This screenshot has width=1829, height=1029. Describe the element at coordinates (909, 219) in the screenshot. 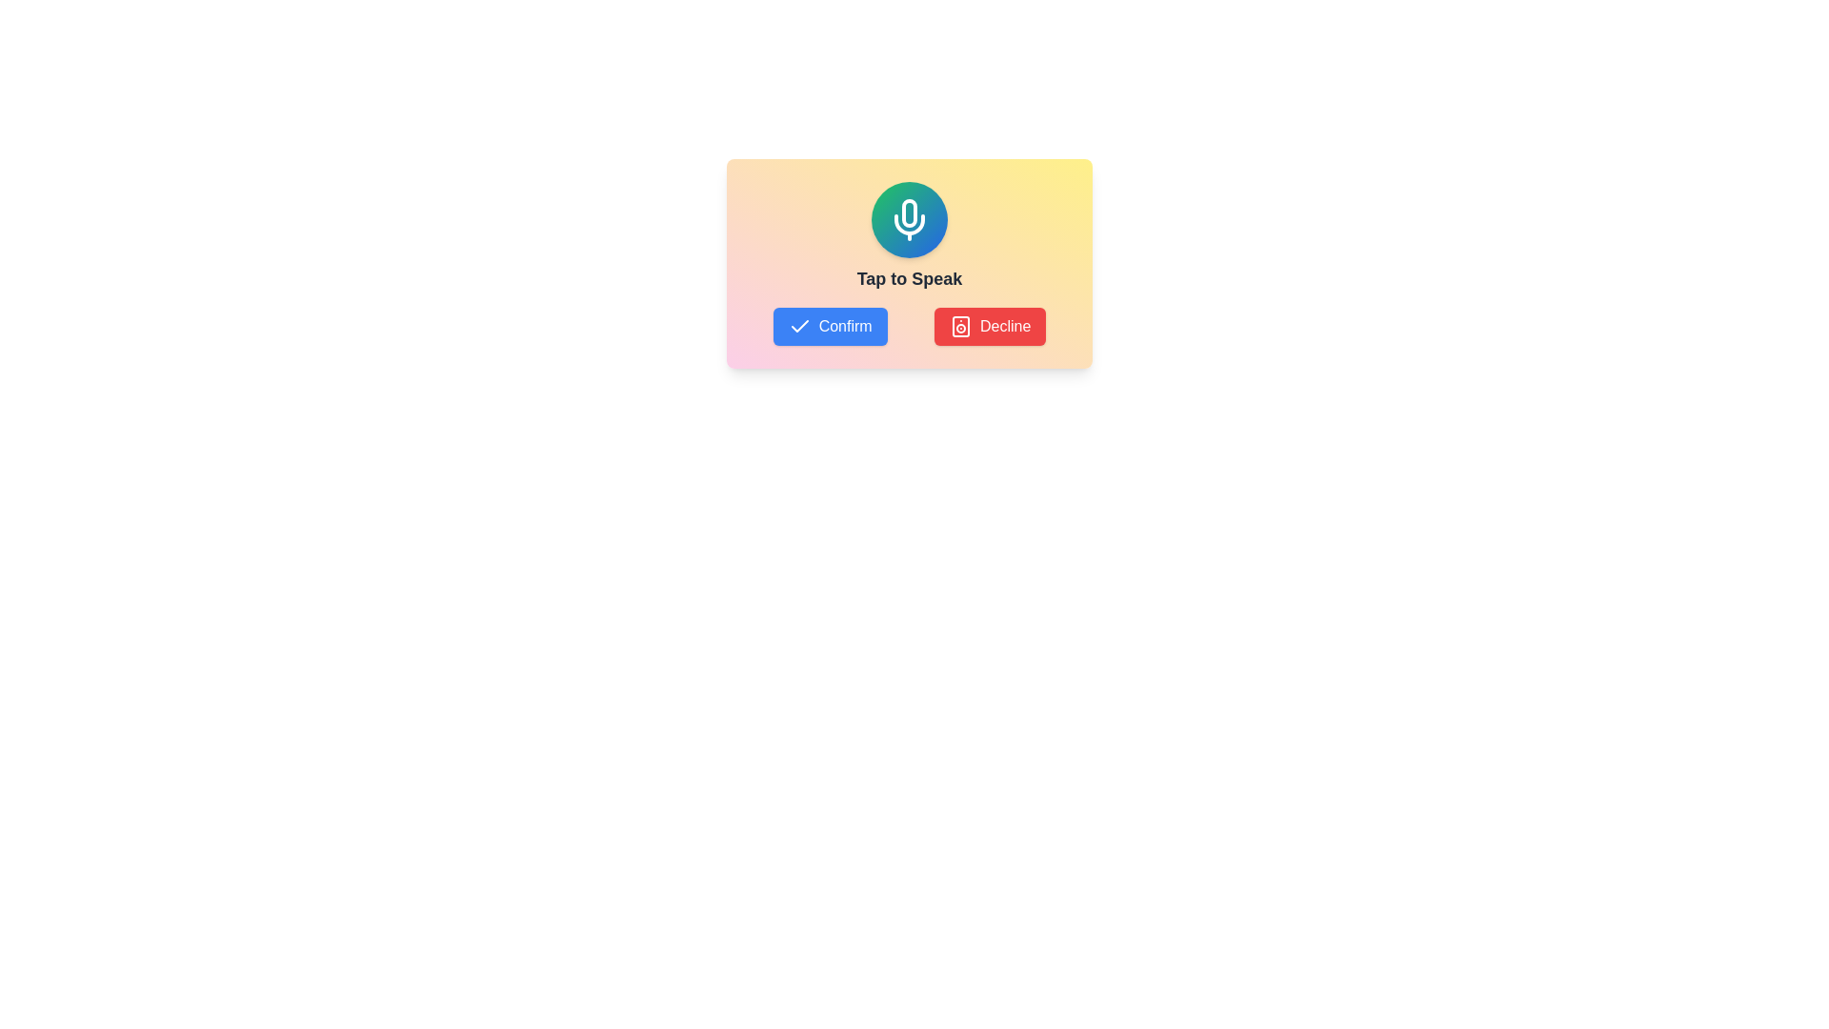

I see `the microphone icon, which is white and located at the top-center of the interface within a circular gradient background` at that location.